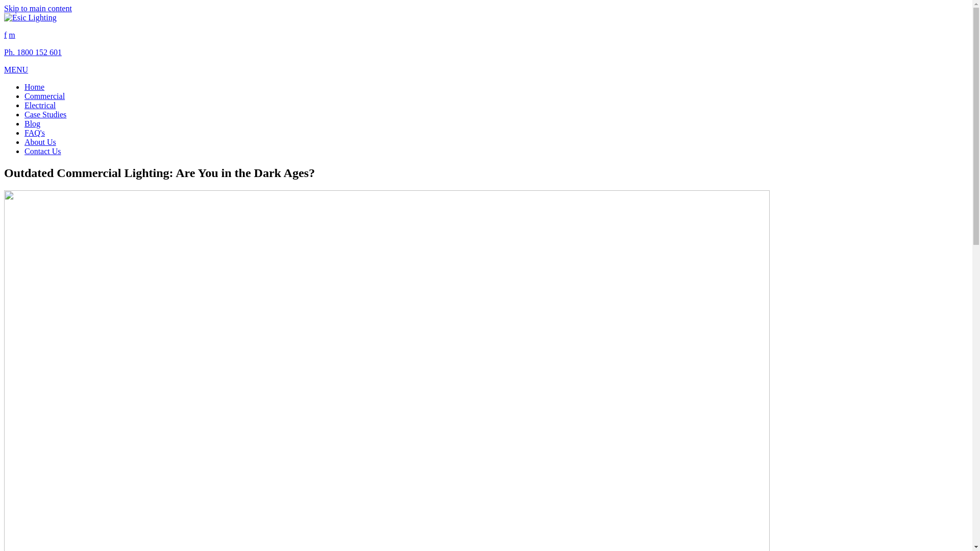 Image resolution: width=980 pixels, height=551 pixels. What do you see at coordinates (5, 34) in the screenshot?
I see `'f'` at bounding box center [5, 34].